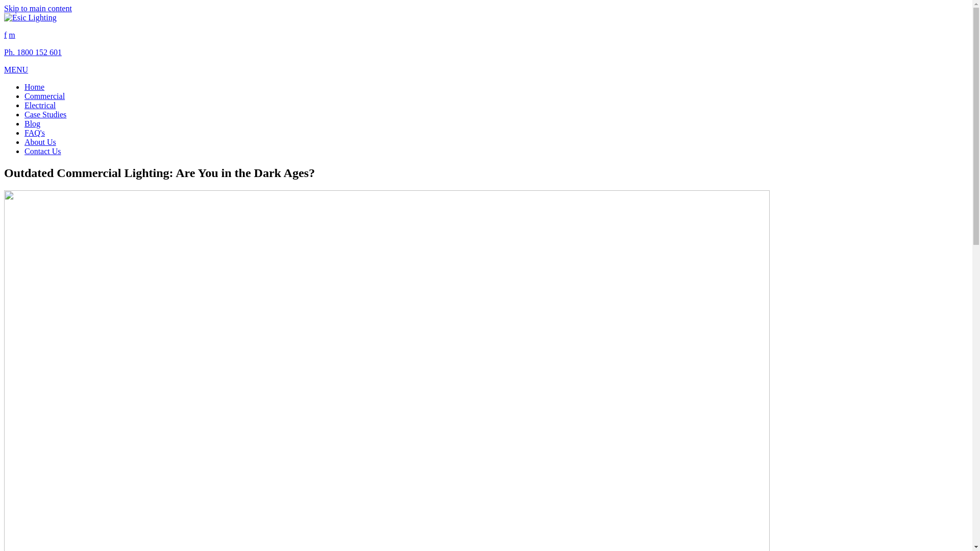 Image resolution: width=980 pixels, height=551 pixels. What do you see at coordinates (5, 34) in the screenshot?
I see `'f'` at bounding box center [5, 34].